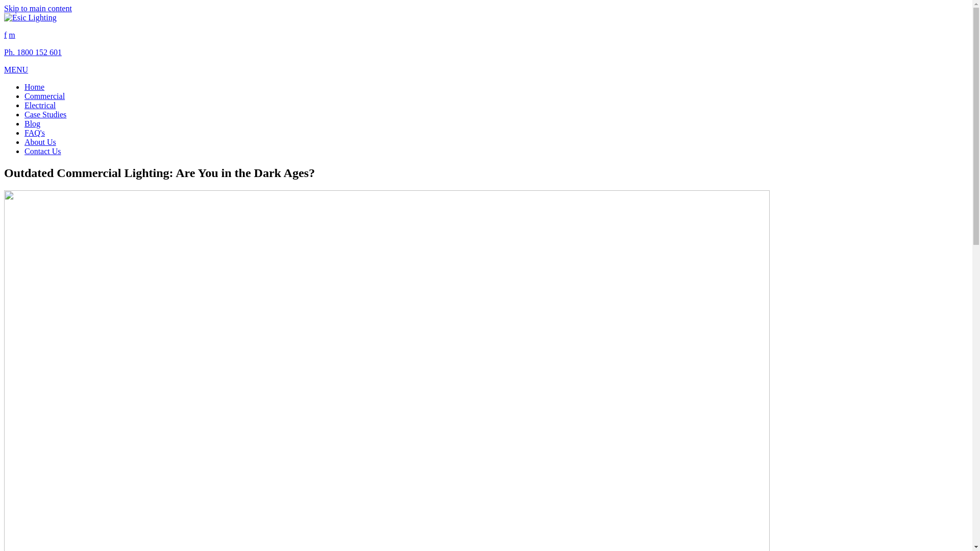 Image resolution: width=980 pixels, height=551 pixels. What do you see at coordinates (5, 34) in the screenshot?
I see `'f'` at bounding box center [5, 34].